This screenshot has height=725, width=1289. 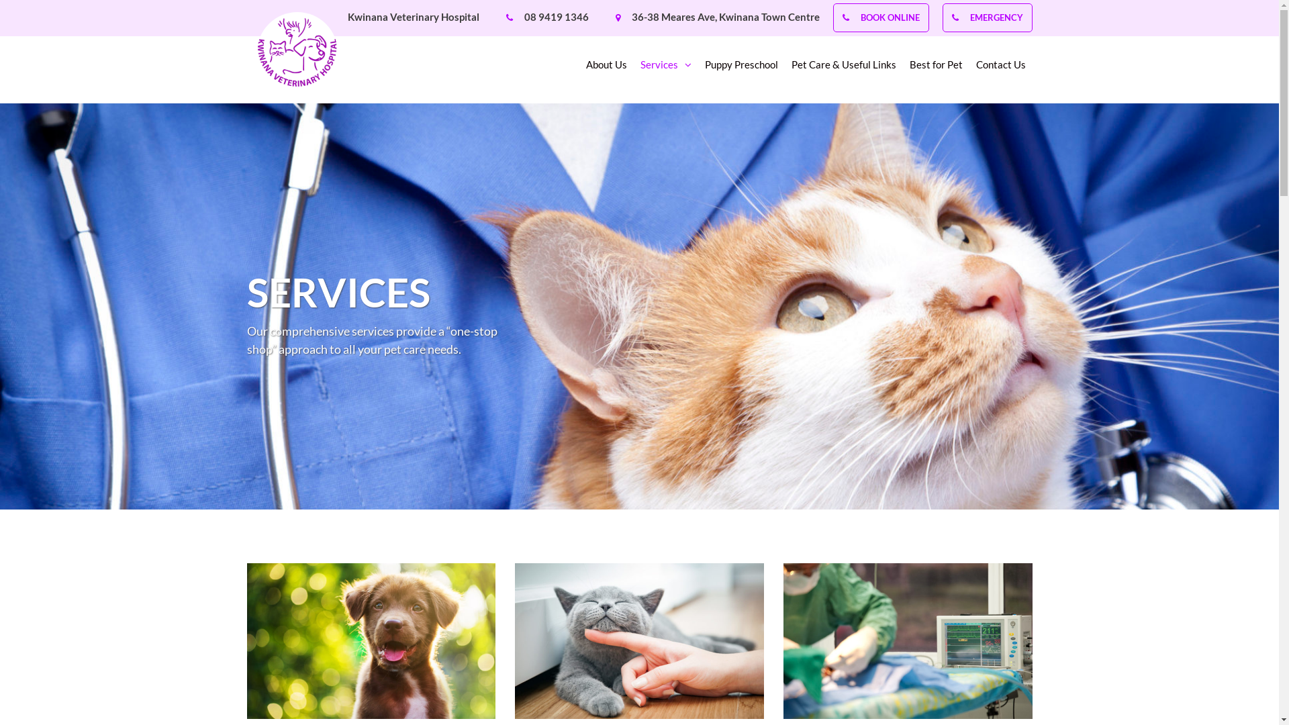 I want to click on 'Best for Pet', so click(x=935, y=68).